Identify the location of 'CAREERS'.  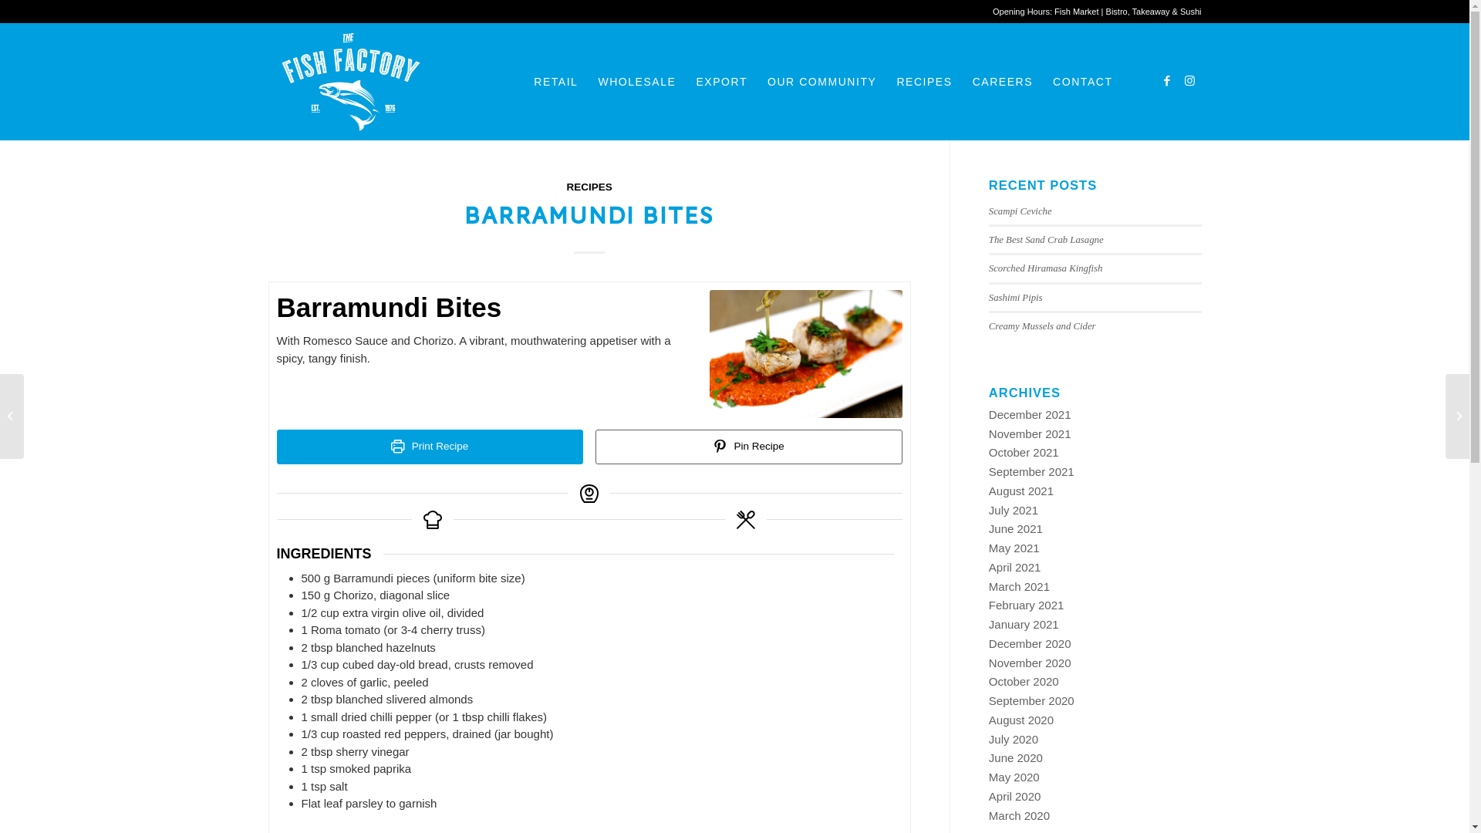
(1003, 81).